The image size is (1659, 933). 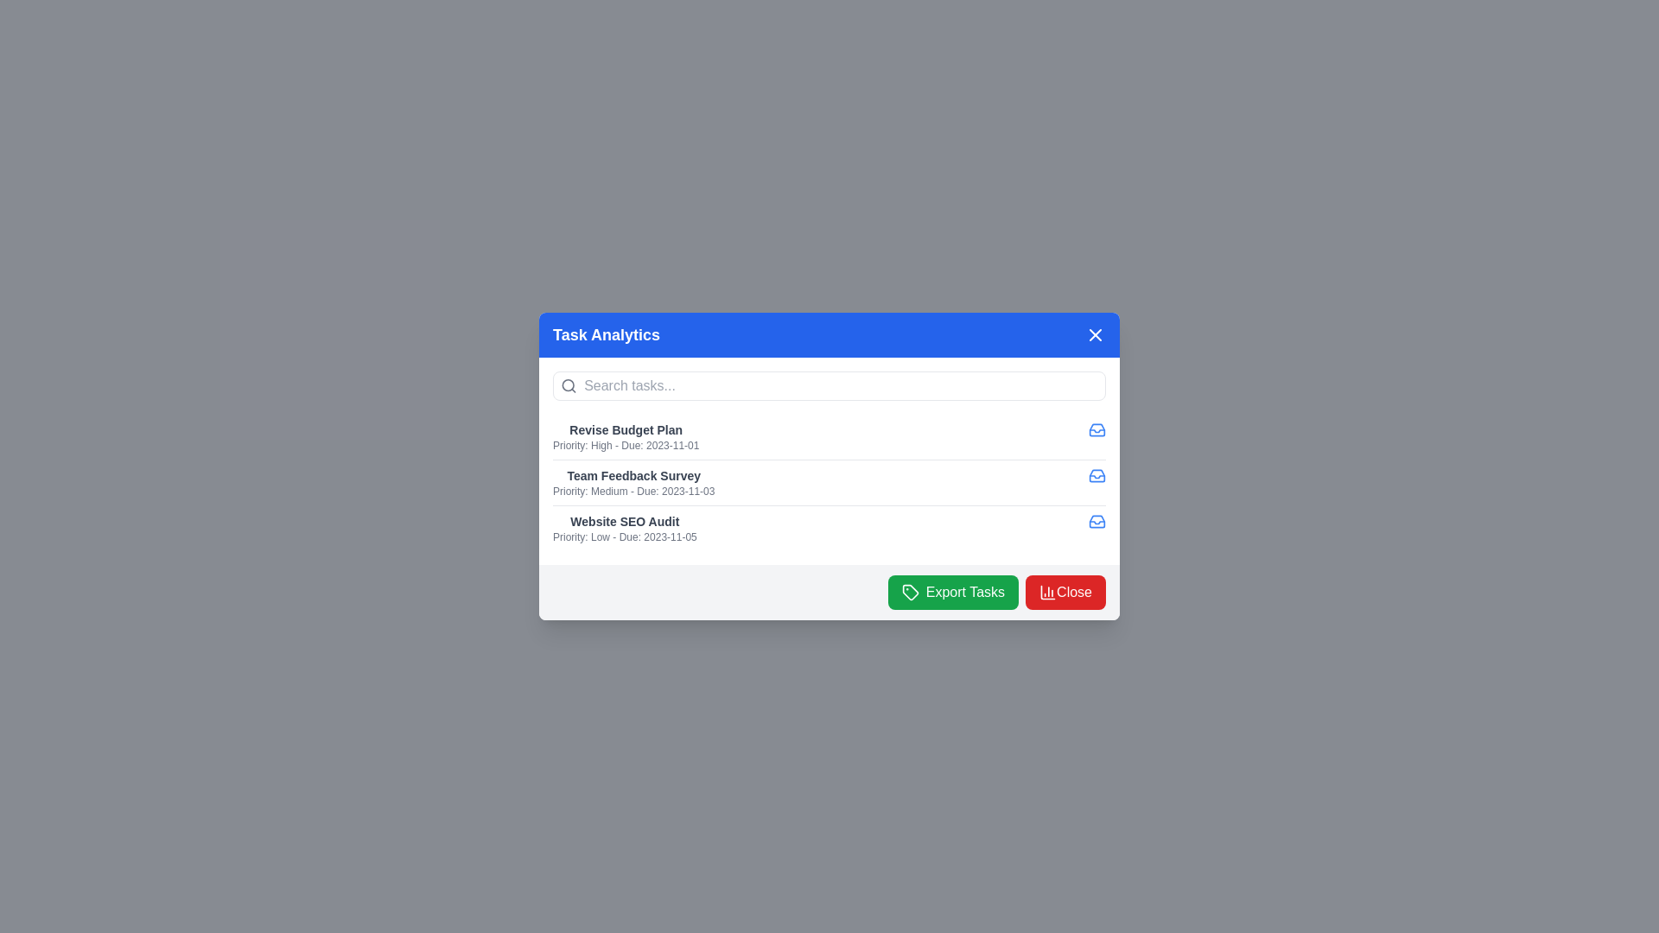 I want to click on information displayed in the list item titled 'Revise Budget Plan' which includes the priority level 'High' and due date '2023-11-01', so click(x=625, y=435).